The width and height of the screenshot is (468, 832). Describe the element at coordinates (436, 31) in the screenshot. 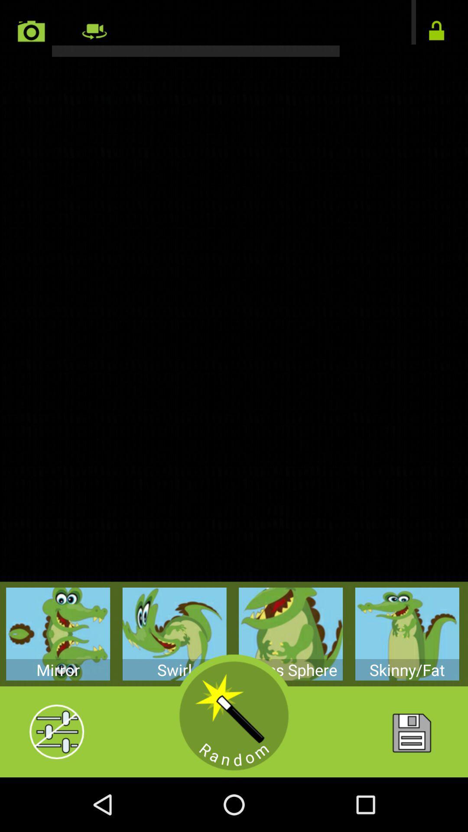

I see `lock/unlock` at that location.